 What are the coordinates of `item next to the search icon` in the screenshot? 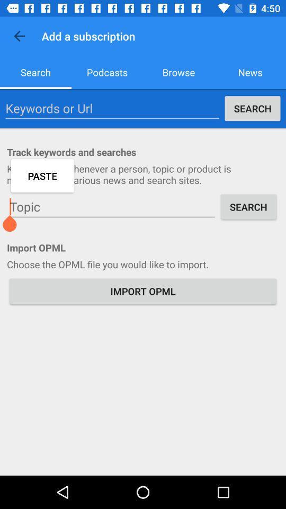 It's located at (112, 206).